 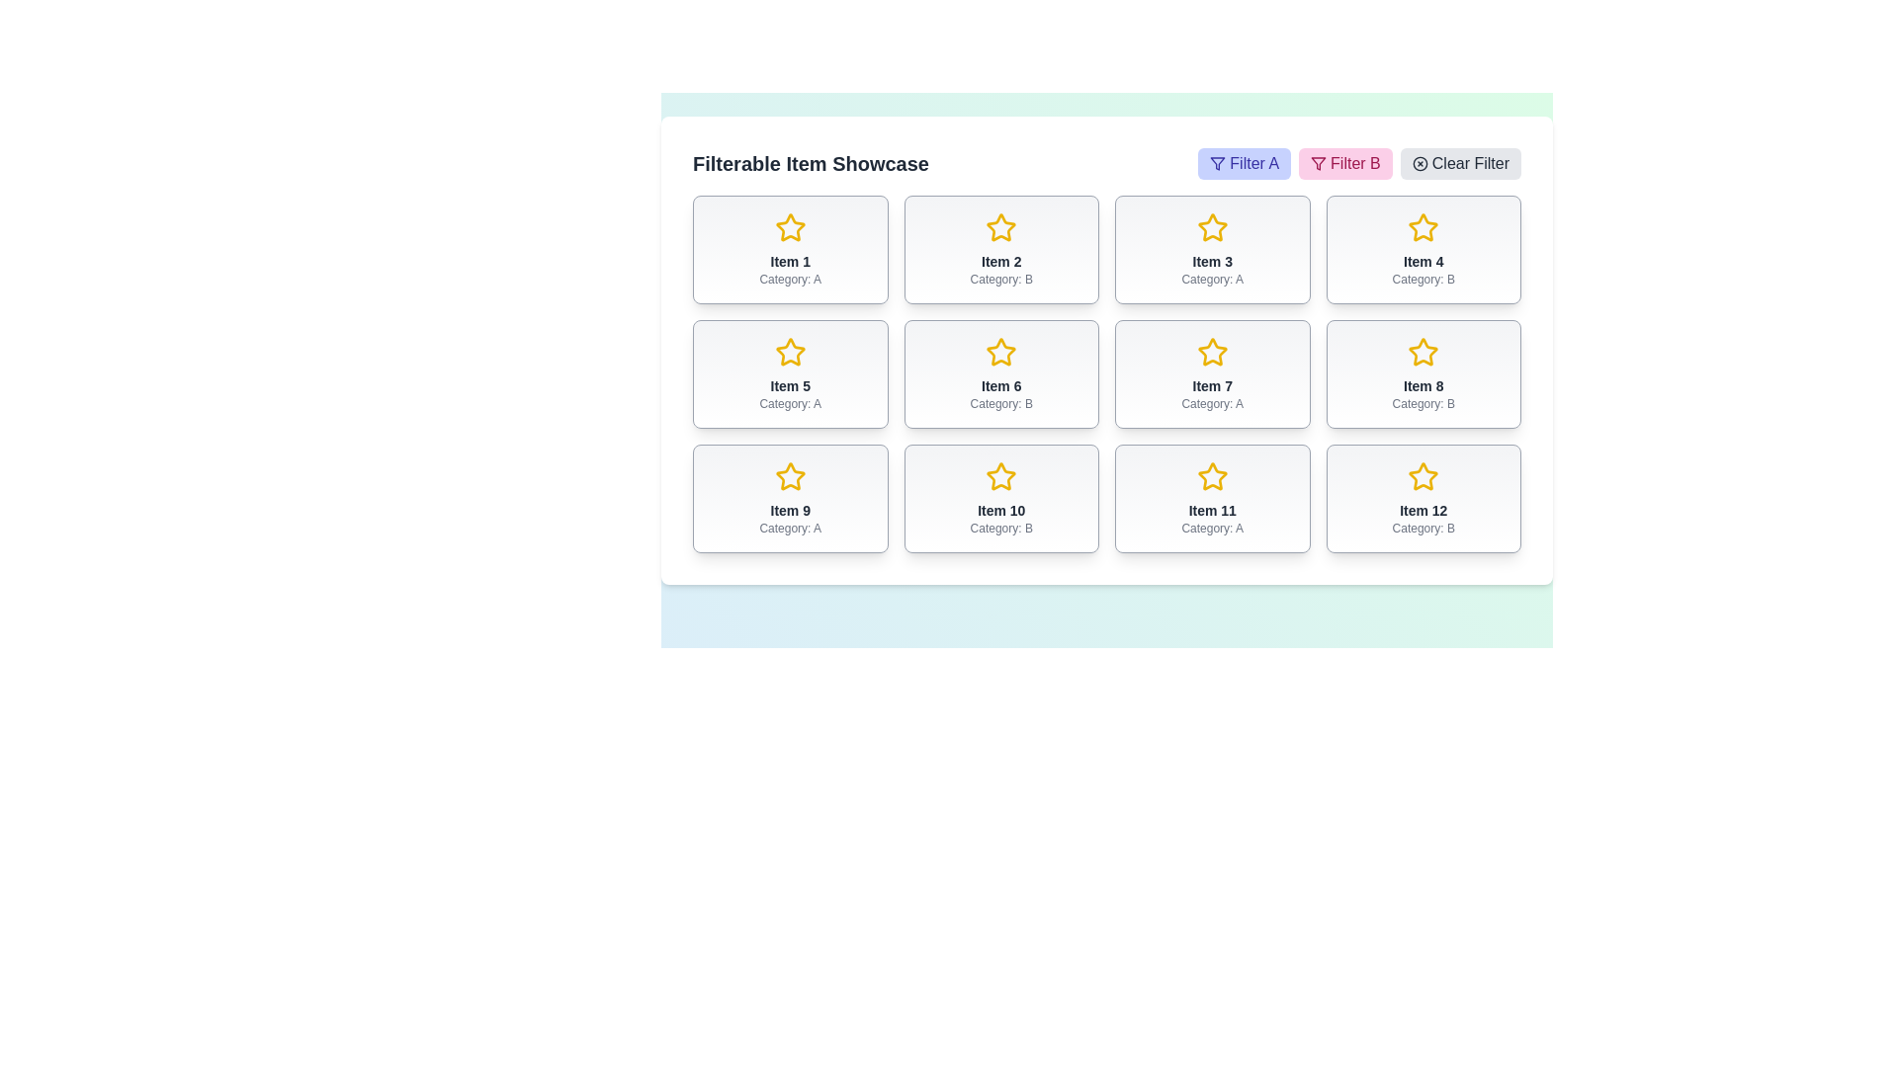 What do you see at coordinates (1419, 162) in the screenshot?
I see `the circular 'close' icon with a diagonal cross inside, located within the 'Clear Filter' button at the top-right of the interface` at bounding box center [1419, 162].